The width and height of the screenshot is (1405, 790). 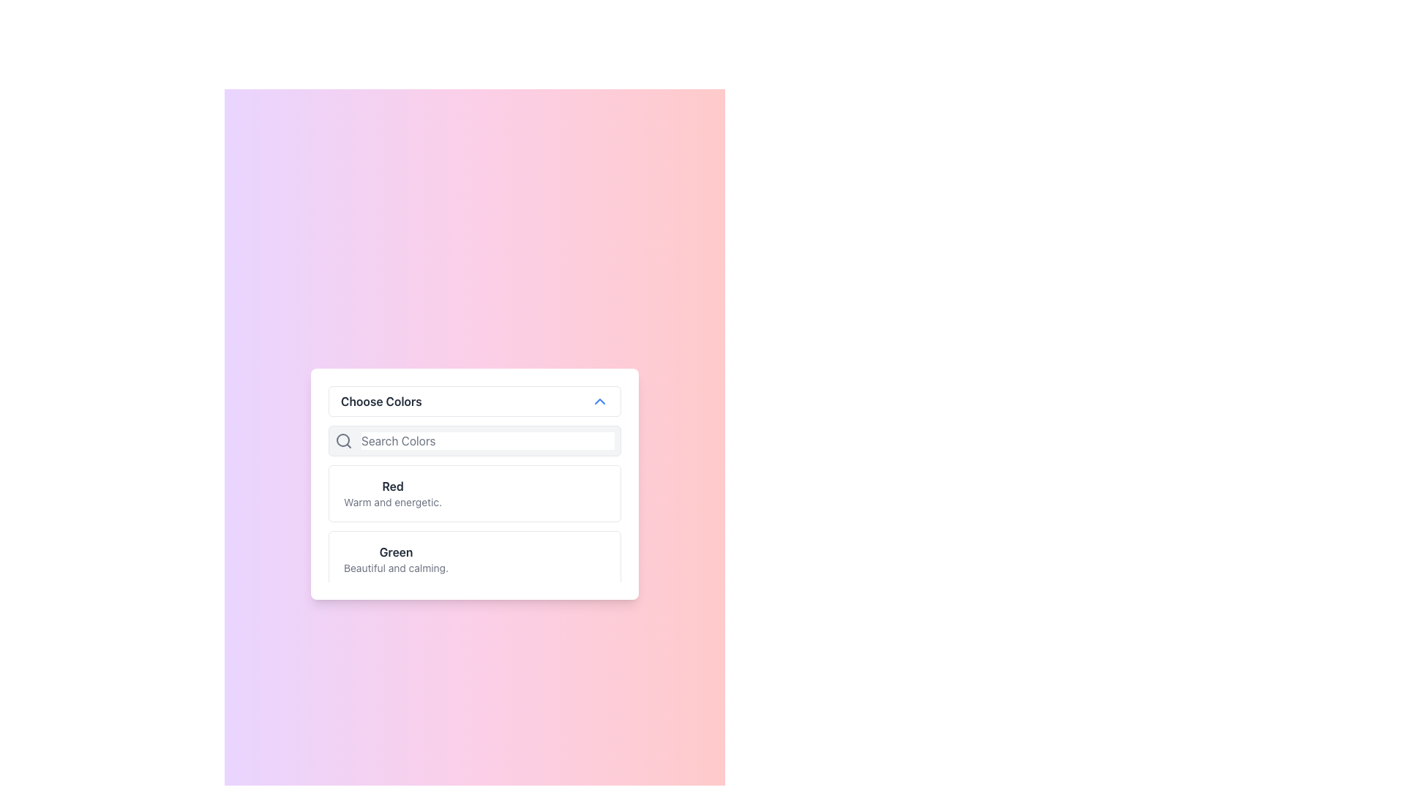 What do you see at coordinates (474, 484) in the screenshot?
I see `the first selectable color option in the list located below the 'Choose Colors' title` at bounding box center [474, 484].